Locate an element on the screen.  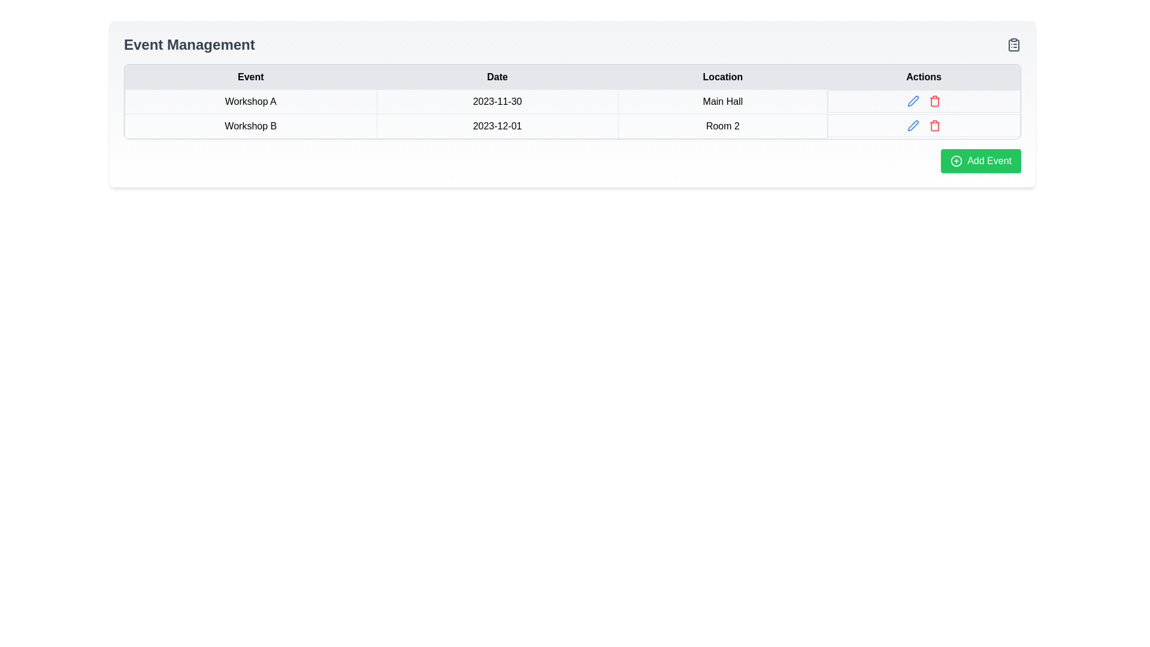
the 'Actions' header label in the table, which is the fourth cell in the header row, following 'Date' and 'Event' and preceded by 'Location' is located at coordinates (923, 77).